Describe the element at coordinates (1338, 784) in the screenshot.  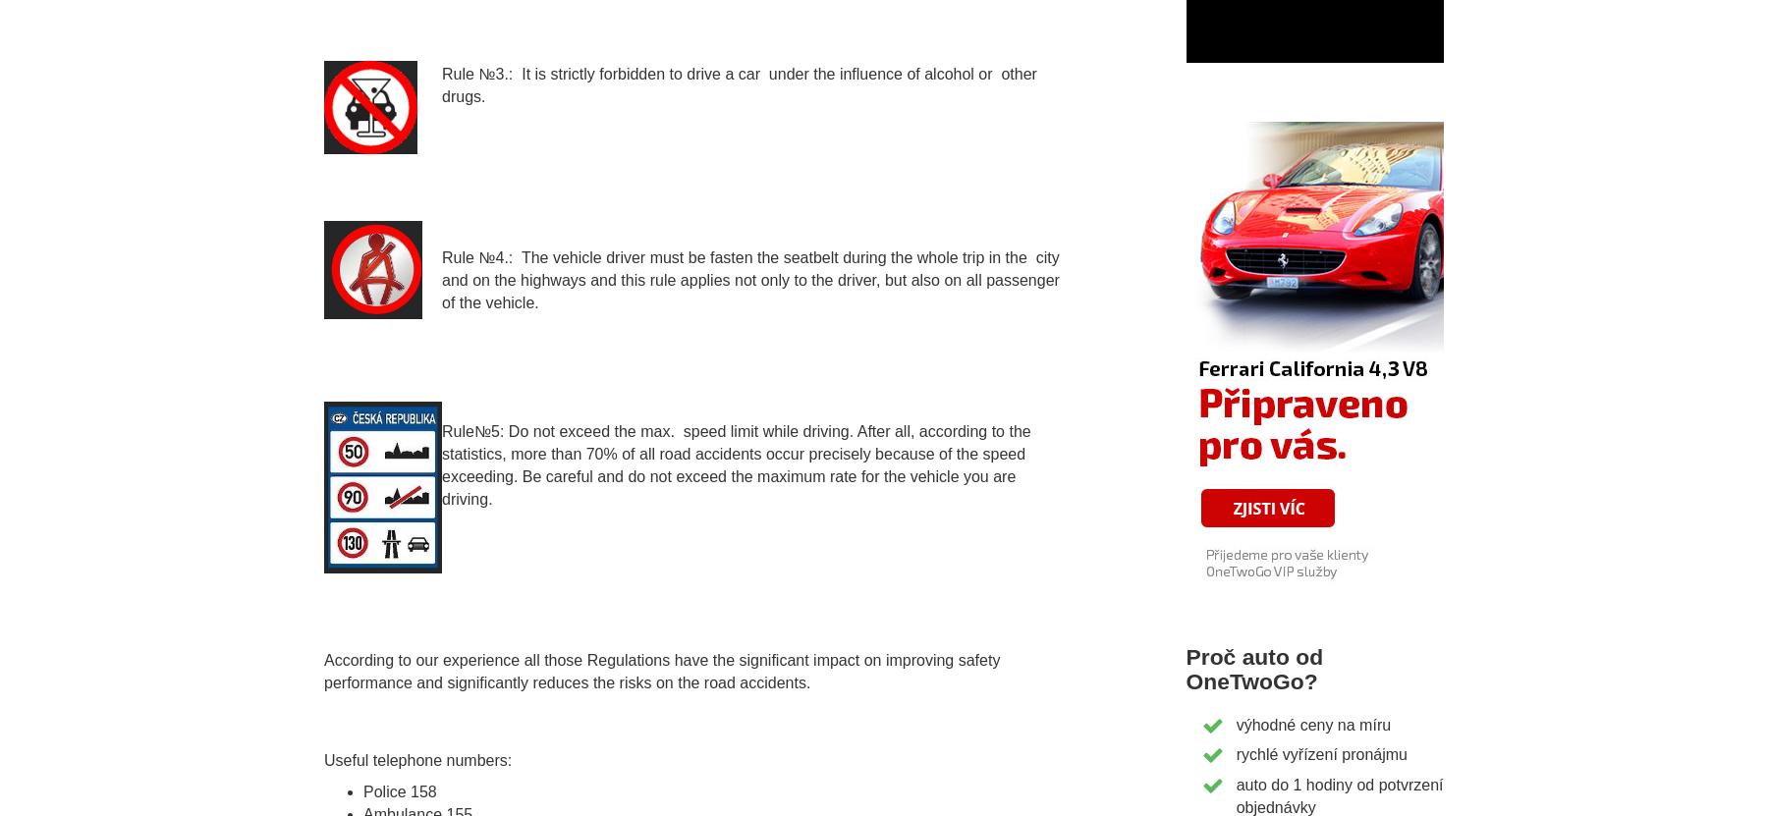
I see `'auto do 1 hodiny od potvrzení'` at that location.